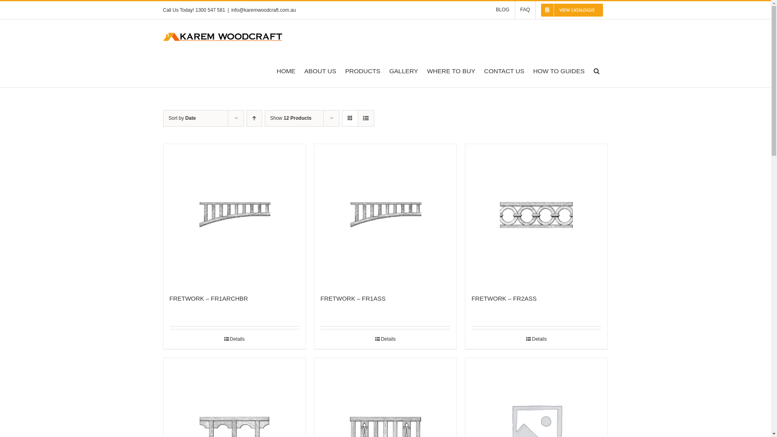  What do you see at coordinates (490, 10) in the screenshot?
I see `'BLOG'` at bounding box center [490, 10].